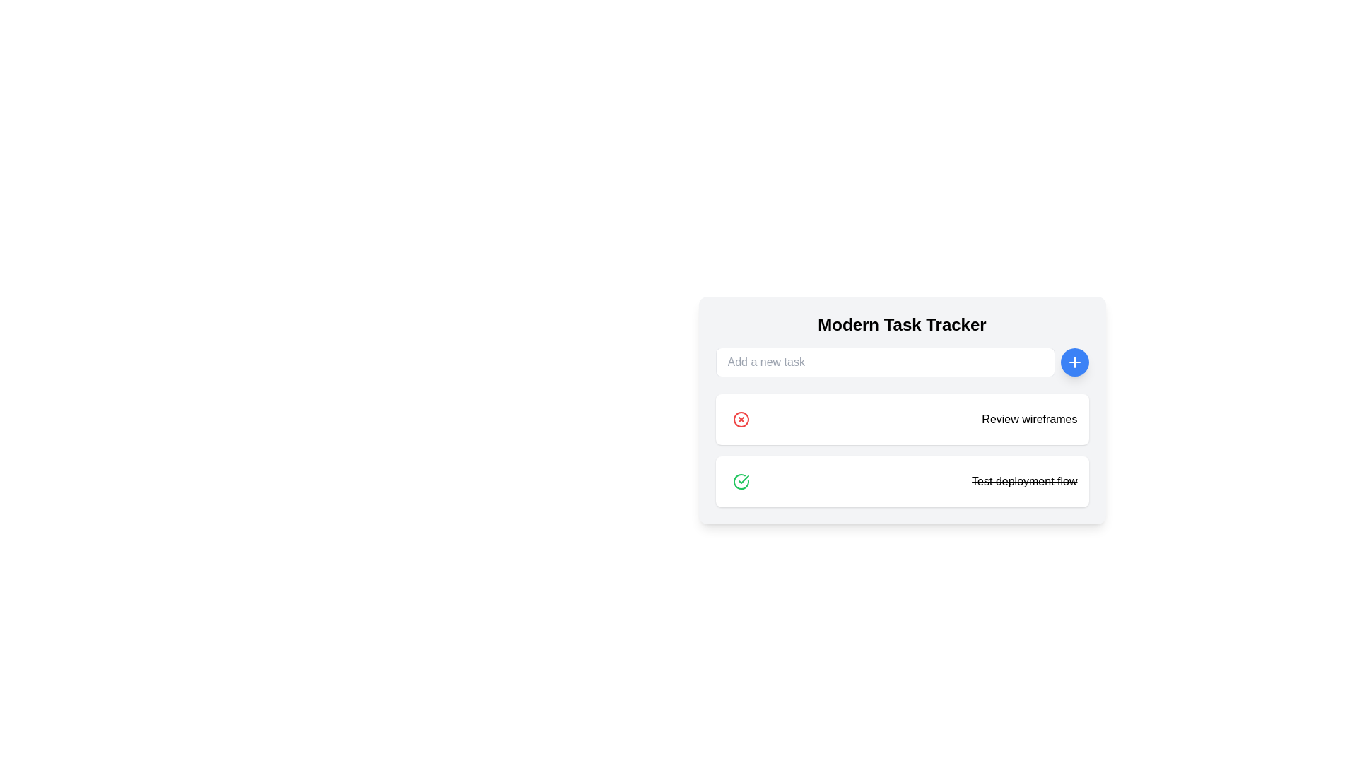 The image size is (1357, 763). Describe the element at coordinates (901, 324) in the screenshot. I see `title displayed at the top of the card-like structure, which serves as the heading for the section` at that location.